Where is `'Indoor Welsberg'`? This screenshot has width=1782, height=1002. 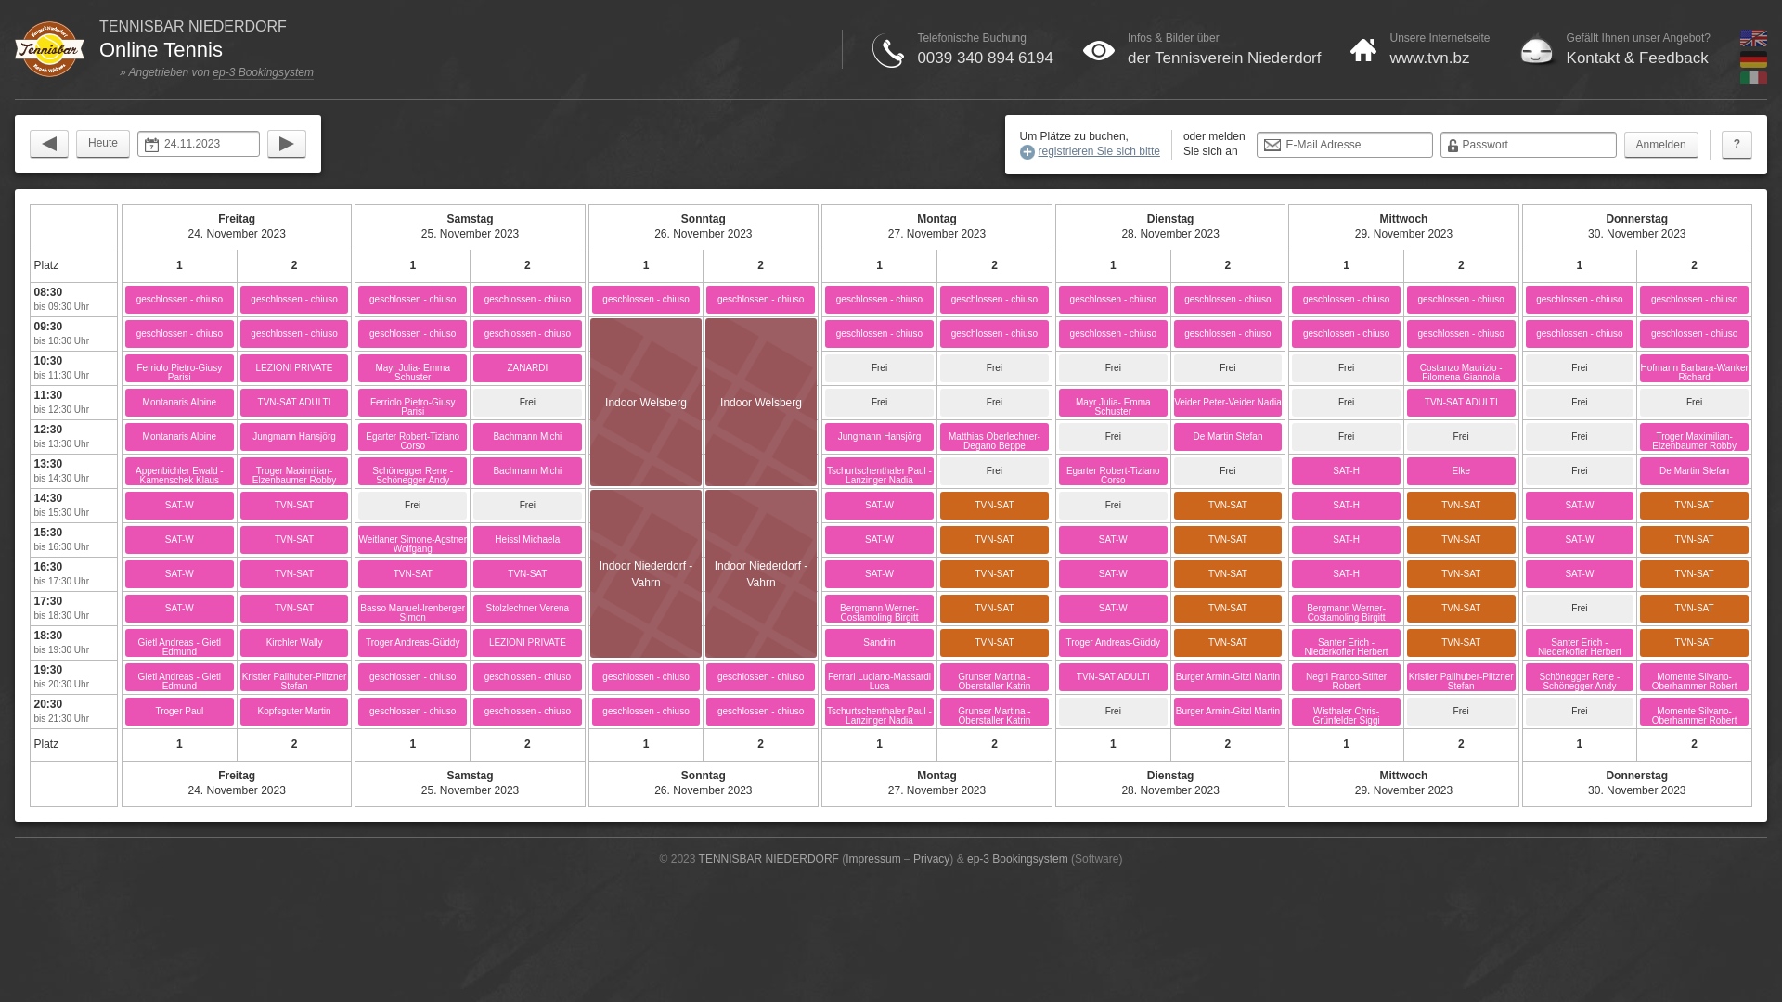
'Indoor Welsberg' is located at coordinates (760, 402).